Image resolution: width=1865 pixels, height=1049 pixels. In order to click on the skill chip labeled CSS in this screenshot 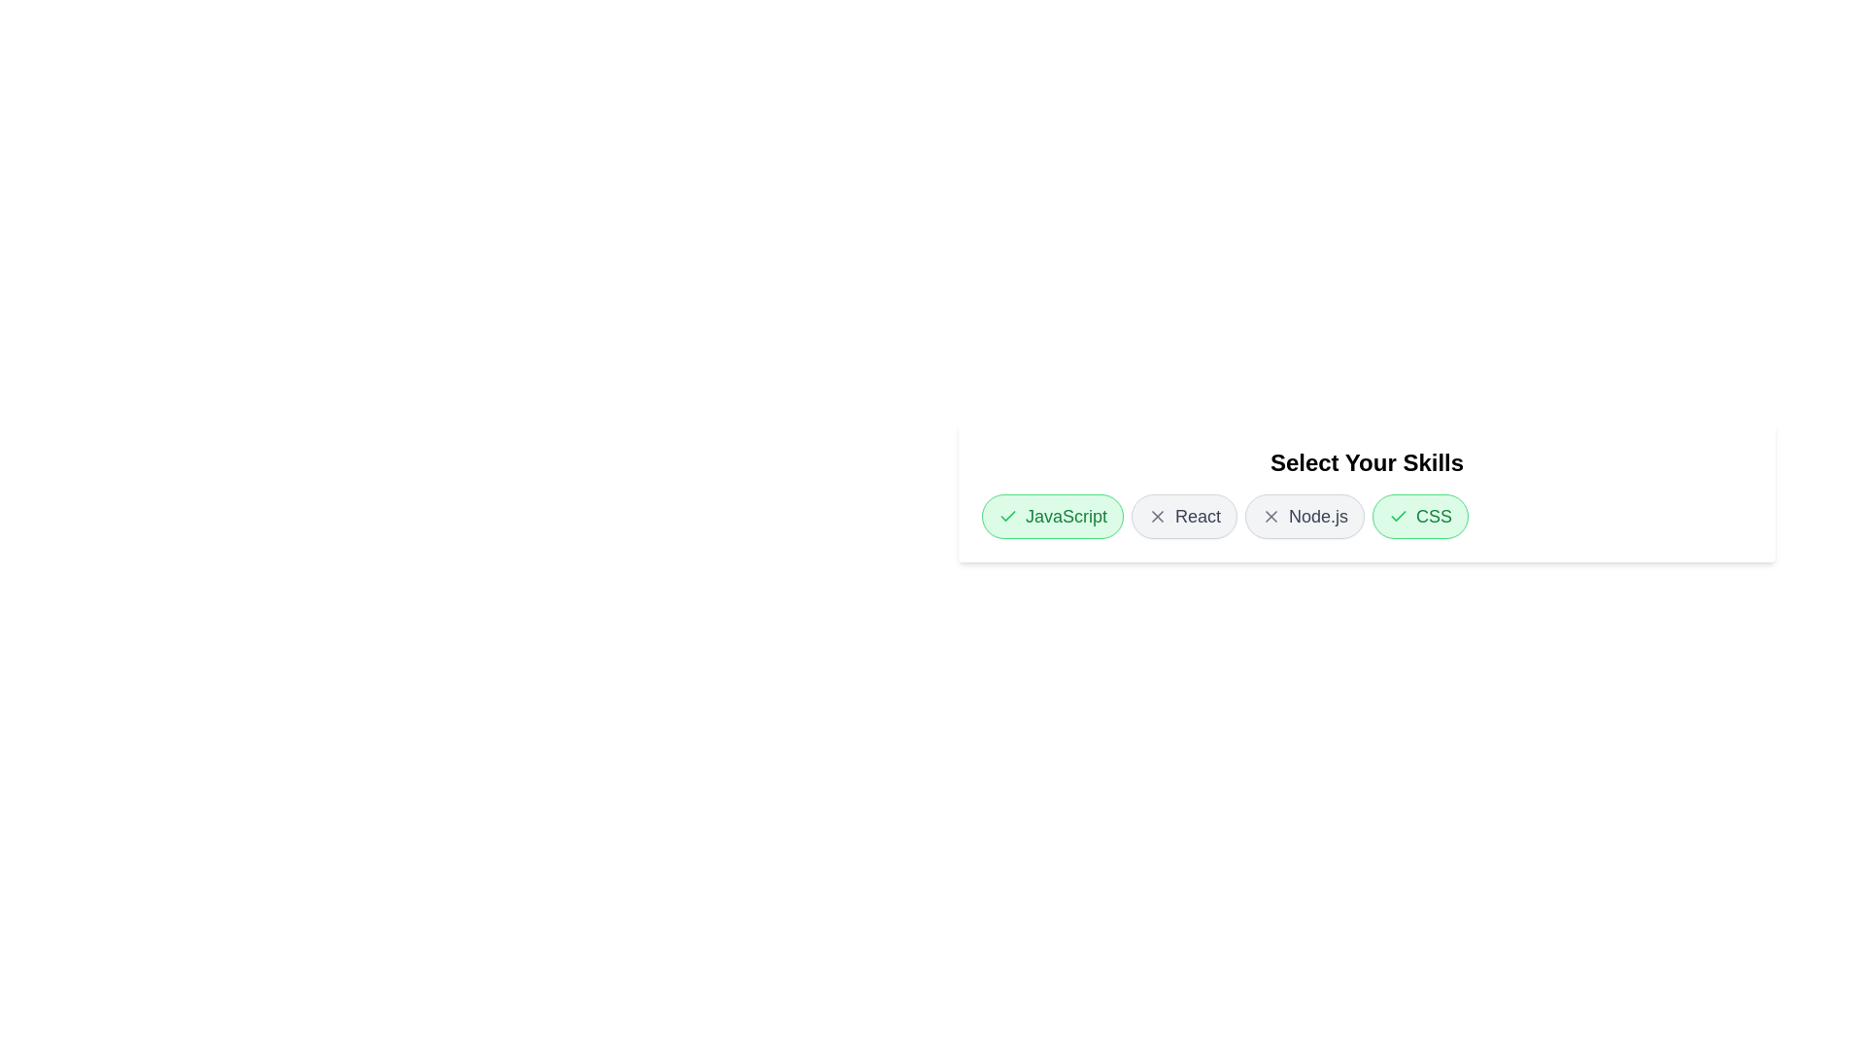, I will do `click(1420, 516)`.